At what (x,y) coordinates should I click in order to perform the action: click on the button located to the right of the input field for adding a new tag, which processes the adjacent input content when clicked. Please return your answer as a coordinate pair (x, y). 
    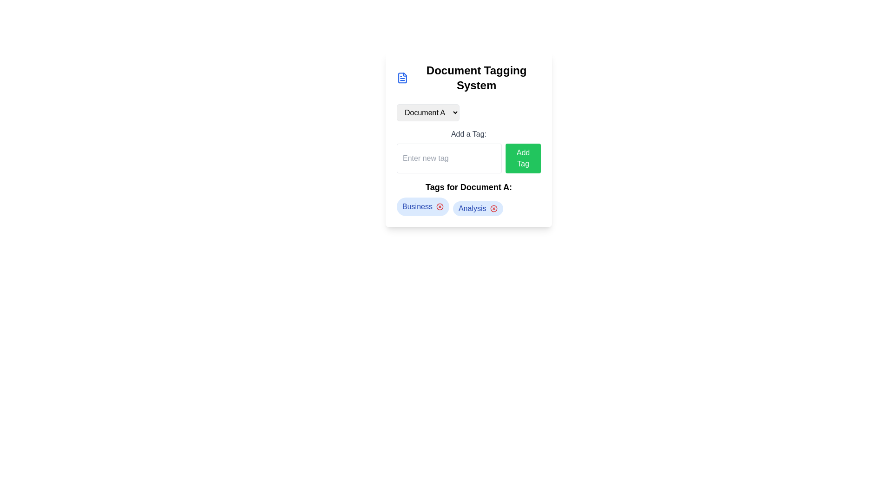
    Looking at the image, I should click on (523, 158).